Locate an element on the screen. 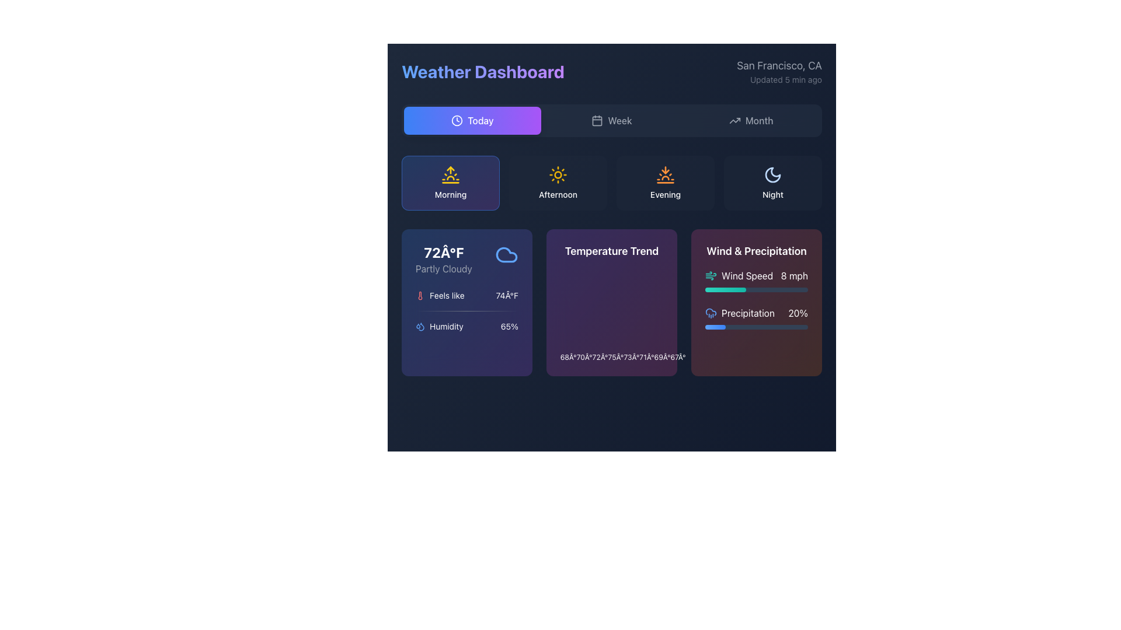 Image resolution: width=1121 pixels, height=630 pixels. the 'Evening' button, which is the third button in the horizontal grid of four buttons labeled 'Morning,' 'Afternoon,' 'Evening,' and 'Night', located below the navigation bar is located at coordinates (666, 183).